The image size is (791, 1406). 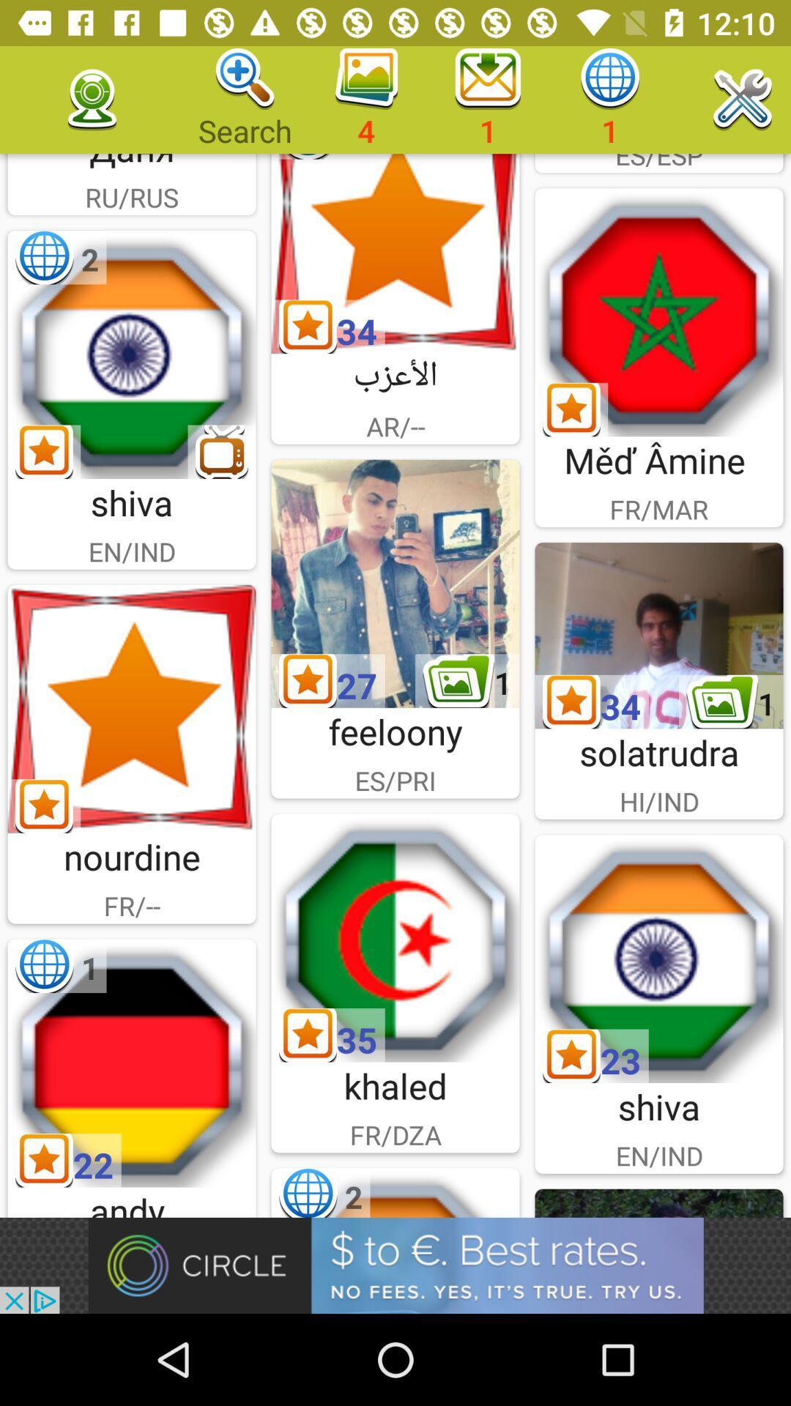 What do you see at coordinates (132, 1063) in the screenshot?
I see `one pert` at bounding box center [132, 1063].